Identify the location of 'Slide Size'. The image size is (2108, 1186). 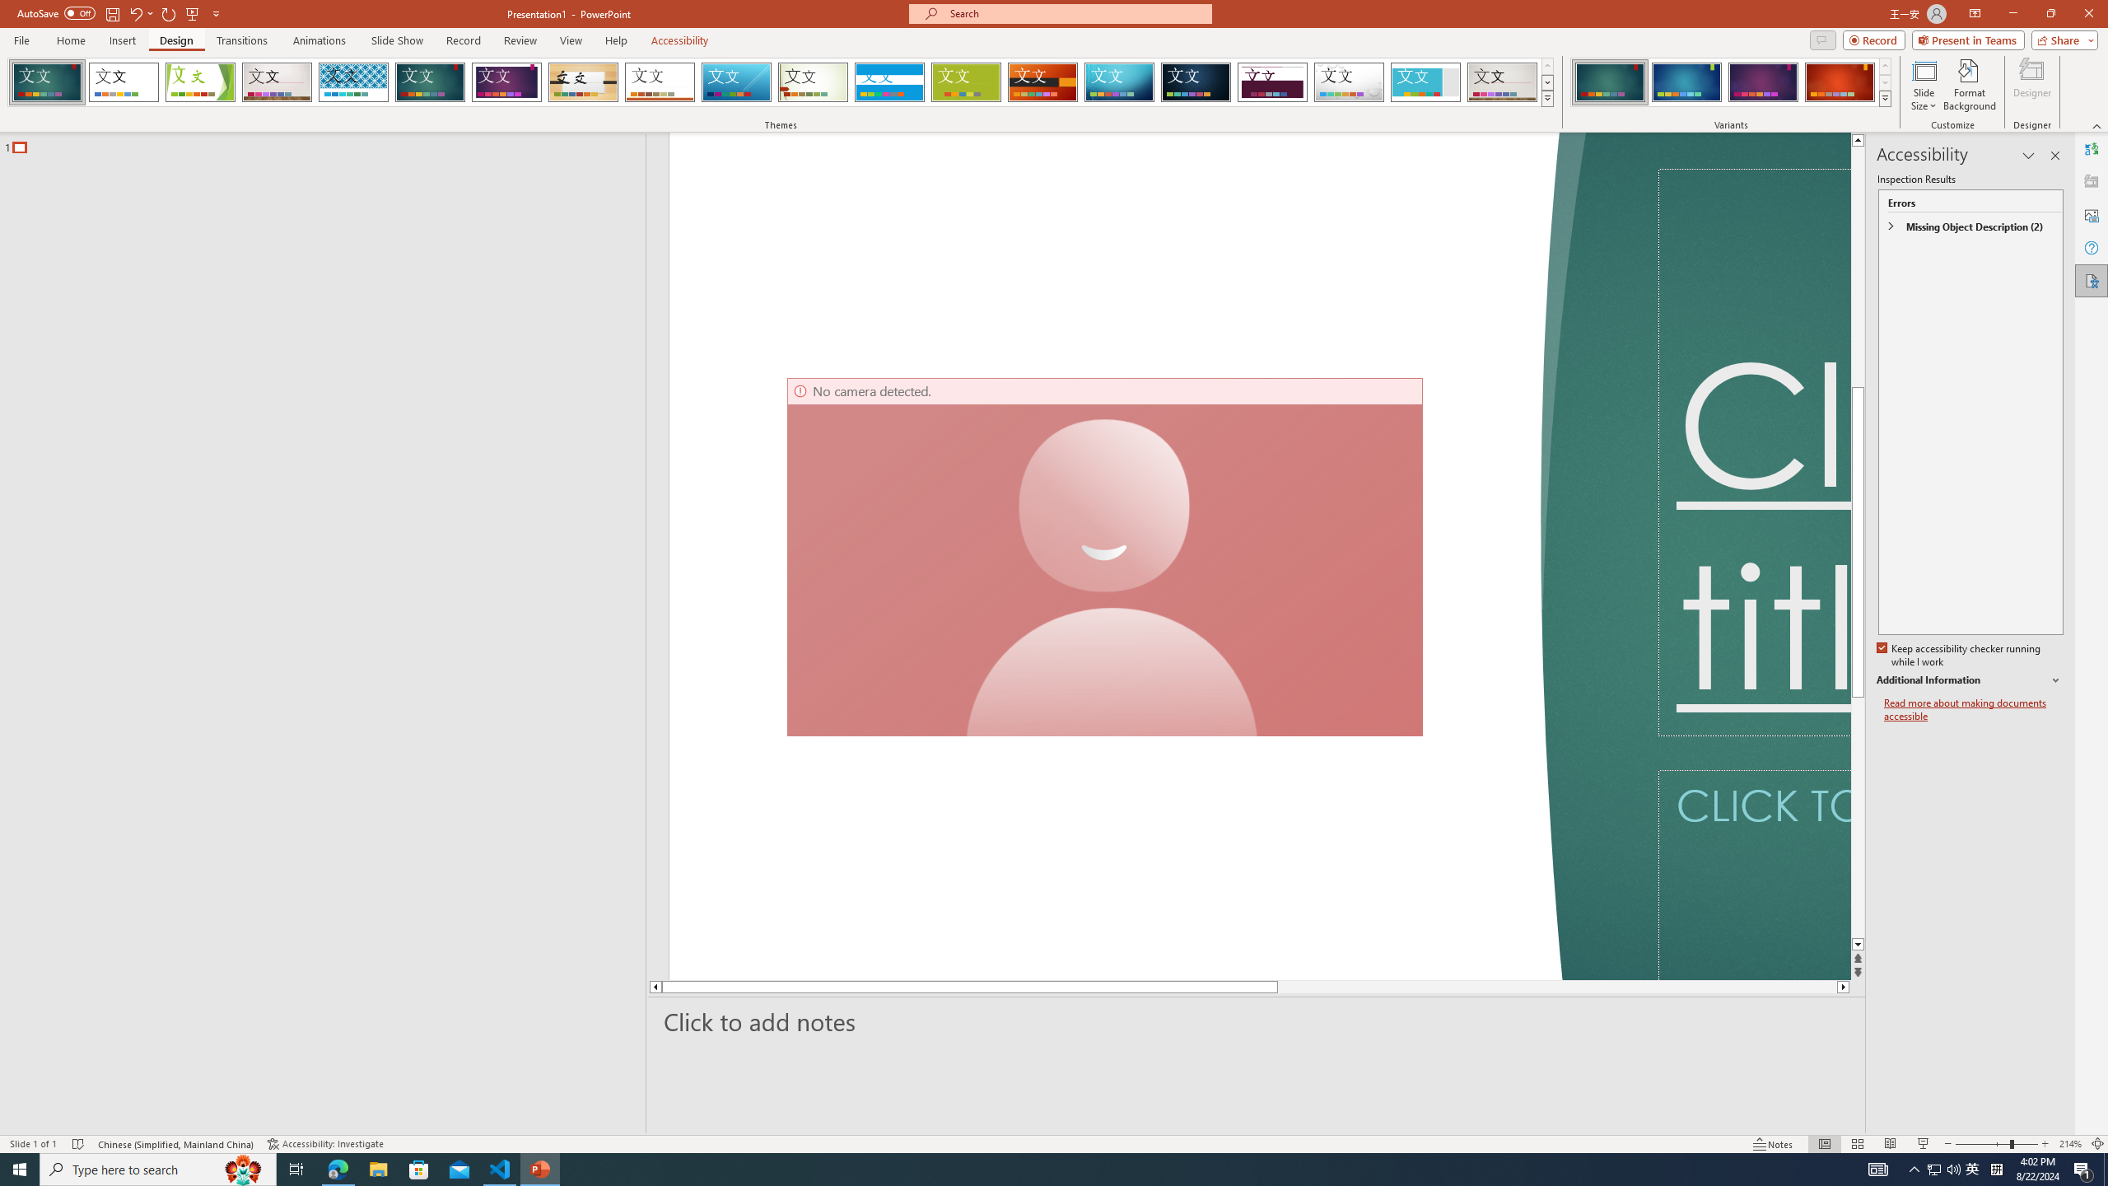
(1924, 85).